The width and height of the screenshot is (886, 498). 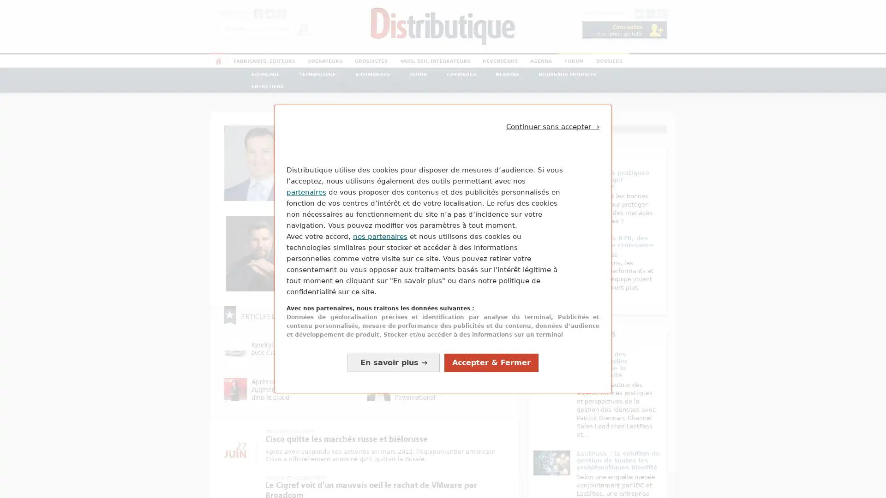 What do you see at coordinates (491, 375) in the screenshot?
I see `Accepter notre traitement des donnees et fermer` at bounding box center [491, 375].